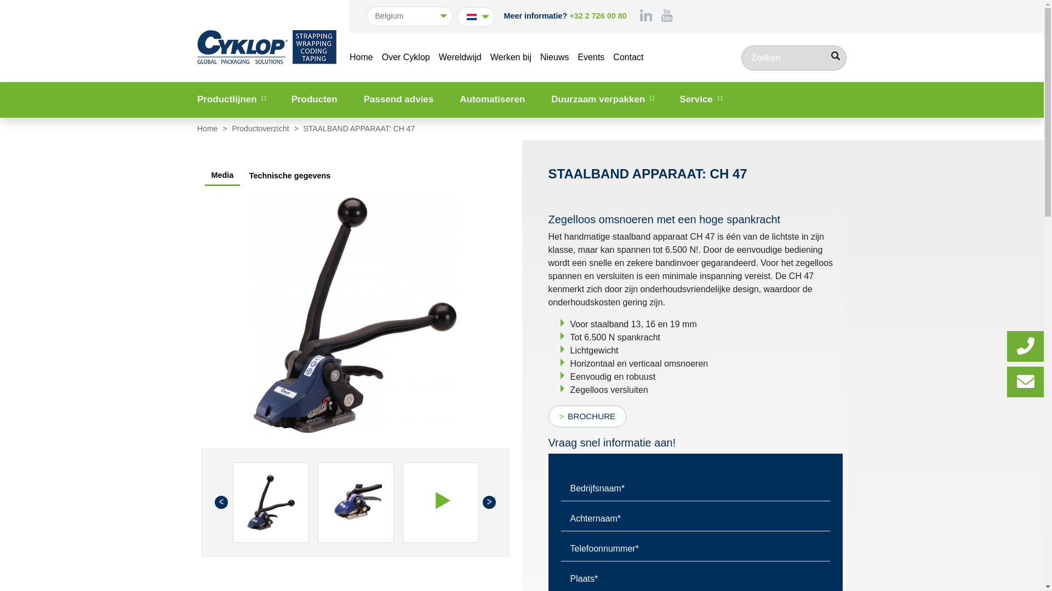  I want to click on 'Media', so click(205, 176).